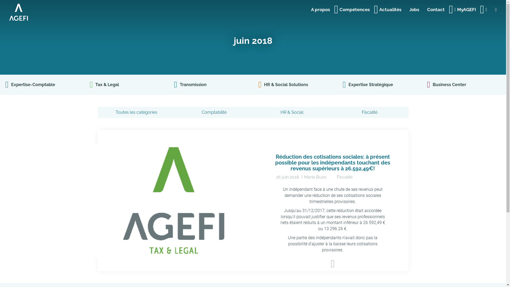 The height and width of the screenshot is (287, 510). I want to click on 'Tax & Legal', so click(126, 84).